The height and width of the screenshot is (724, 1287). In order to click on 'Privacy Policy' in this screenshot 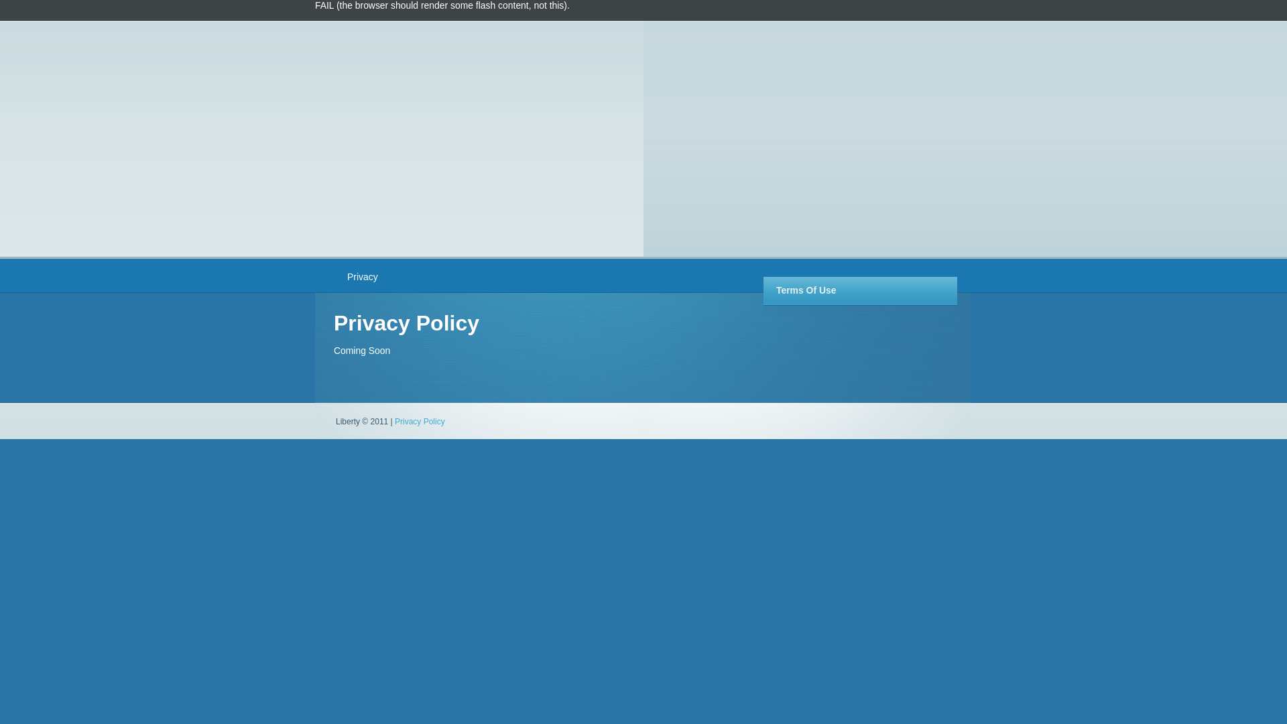, I will do `click(419, 420)`.